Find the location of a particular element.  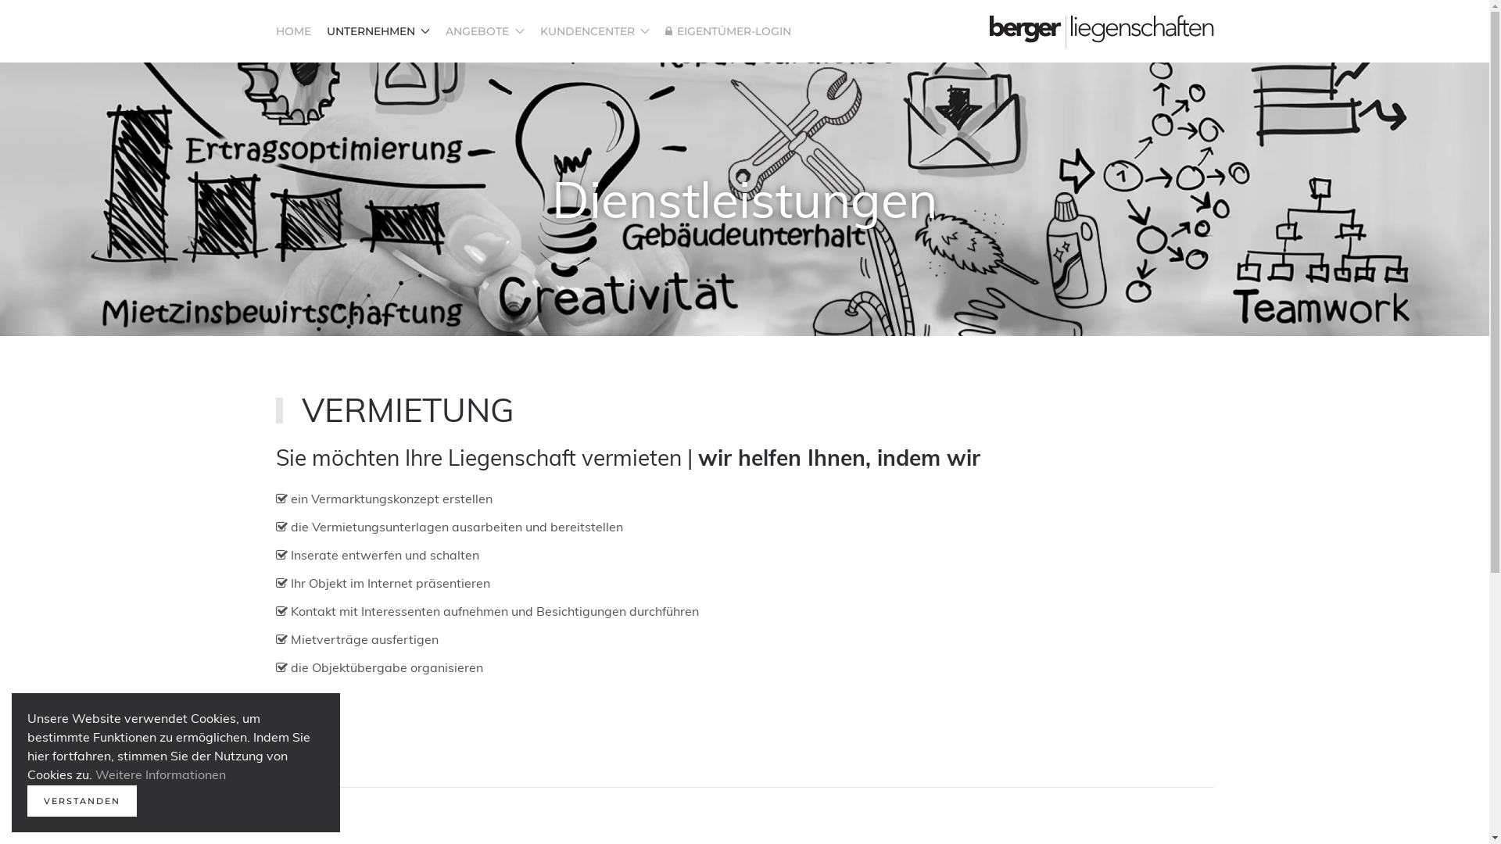

'ANGEBOTE' is located at coordinates (484, 30).